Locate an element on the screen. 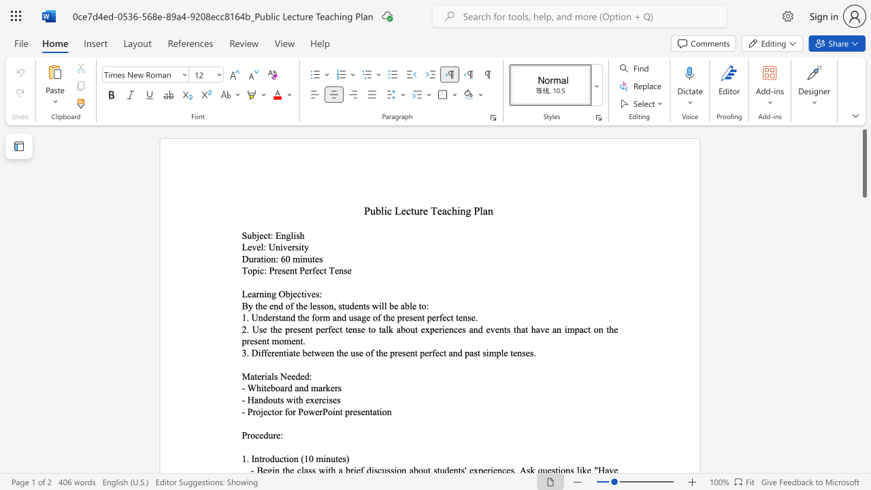 This screenshot has height=490, width=871. the subset text "esson, students w" within the text "By the end of the lesson, students will be able to:" is located at coordinates (312, 305).